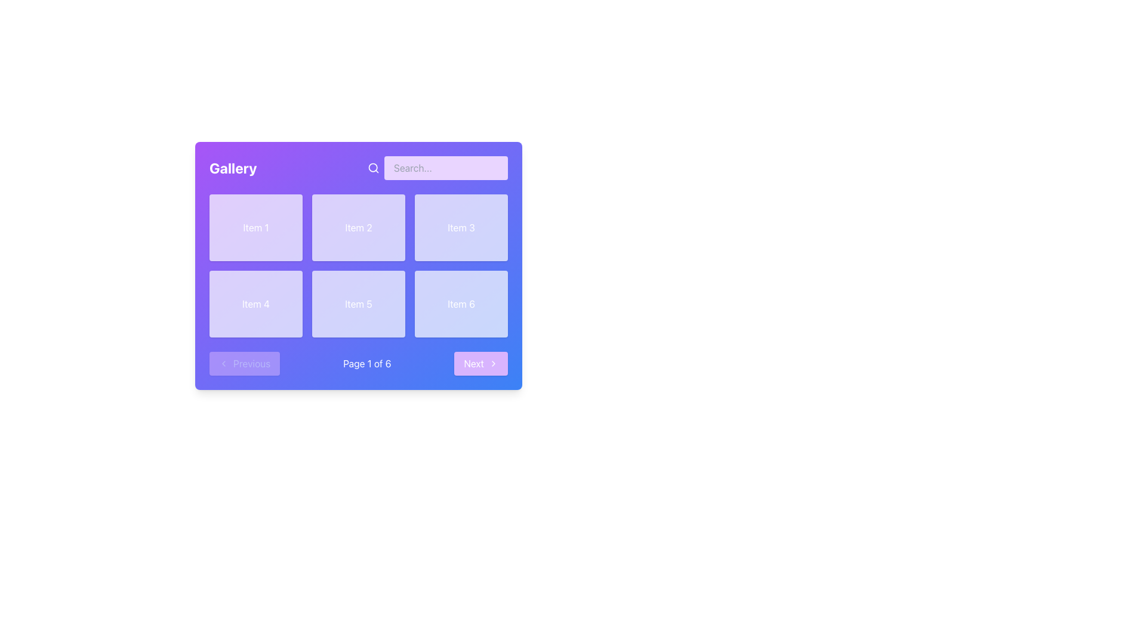 The width and height of the screenshot is (1146, 644). I want to click on the Text Label indicating 'Item 5' in the fifth item of the second row of a 2x3 grid, so click(358, 303).